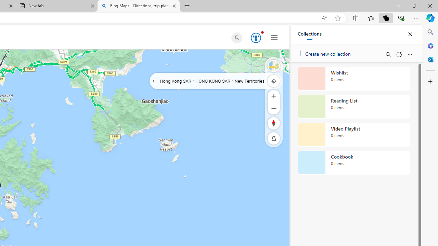 This screenshot has width=438, height=246. What do you see at coordinates (325, 52) in the screenshot?
I see `'Create new collection'` at bounding box center [325, 52].